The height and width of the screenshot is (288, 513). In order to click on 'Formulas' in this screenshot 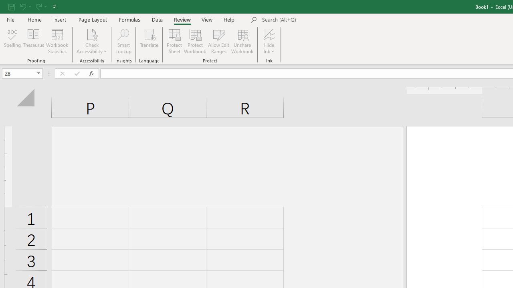, I will do `click(129, 19)`.